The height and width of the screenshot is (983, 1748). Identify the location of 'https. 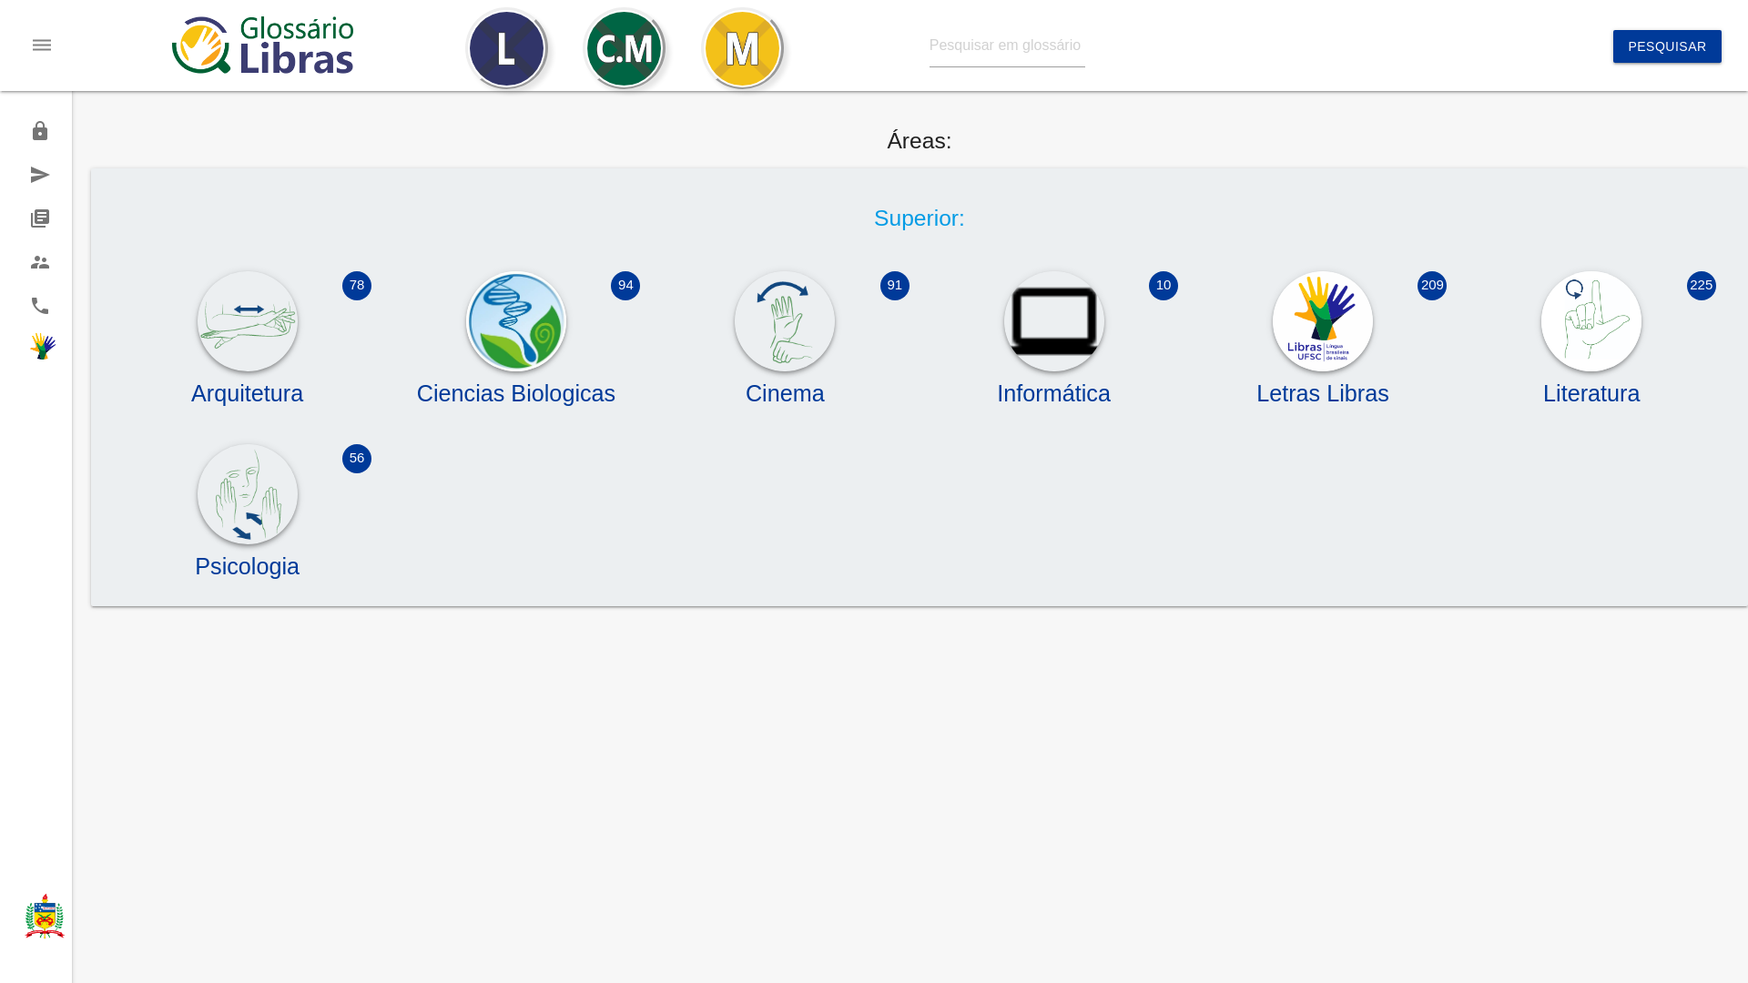
(36, 129).